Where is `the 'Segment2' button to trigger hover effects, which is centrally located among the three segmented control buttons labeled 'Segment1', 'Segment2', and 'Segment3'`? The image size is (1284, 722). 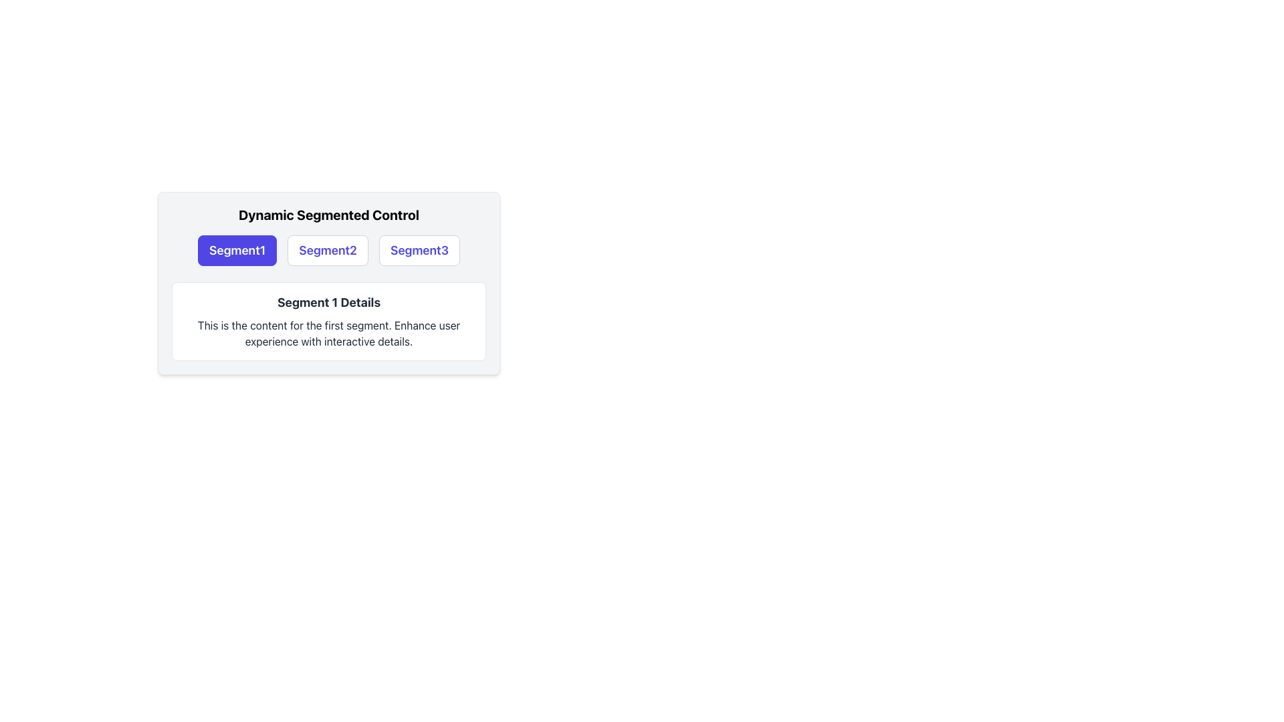 the 'Segment2' button to trigger hover effects, which is centrally located among the three segmented control buttons labeled 'Segment1', 'Segment2', and 'Segment3' is located at coordinates (328, 250).